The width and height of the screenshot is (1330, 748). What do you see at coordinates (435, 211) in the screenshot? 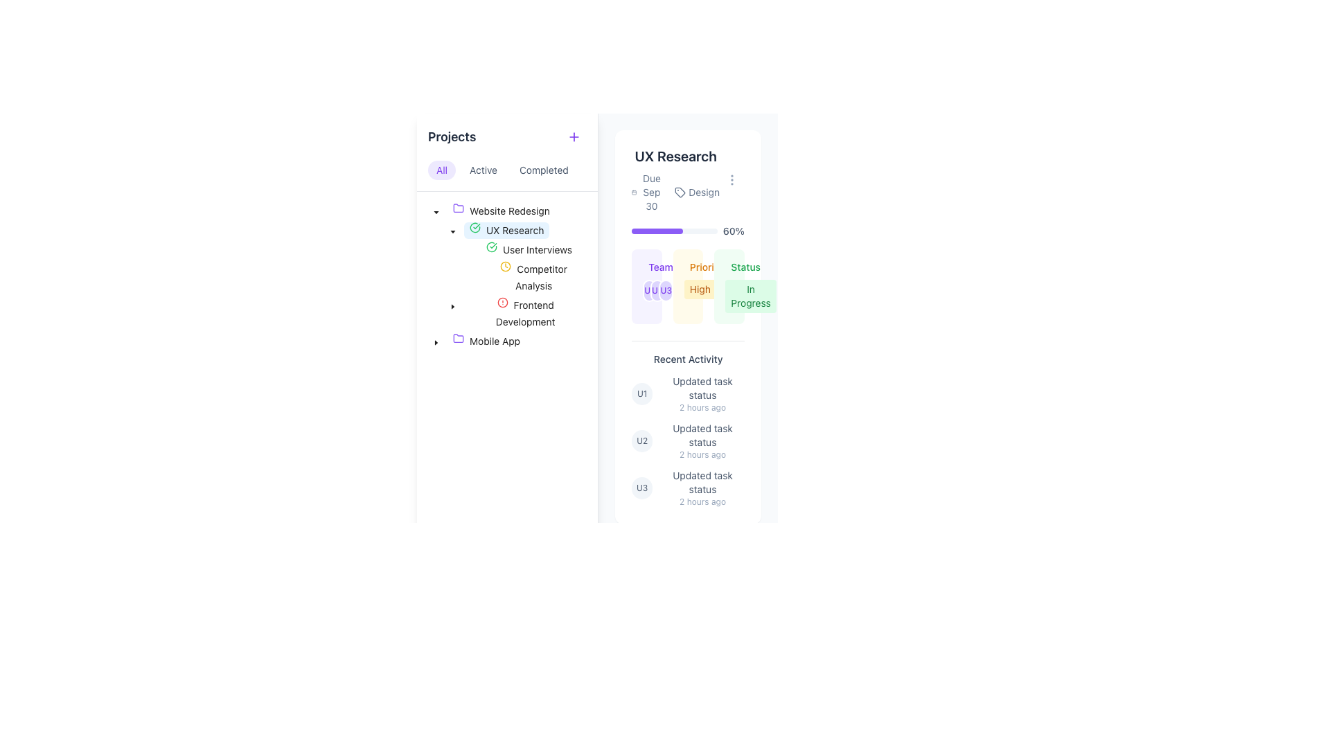
I see `the Toggle button for collapsing or expanding the tree structure associated with 'Website Redesign' in the left panel for navigation` at bounding box center [435, 211].